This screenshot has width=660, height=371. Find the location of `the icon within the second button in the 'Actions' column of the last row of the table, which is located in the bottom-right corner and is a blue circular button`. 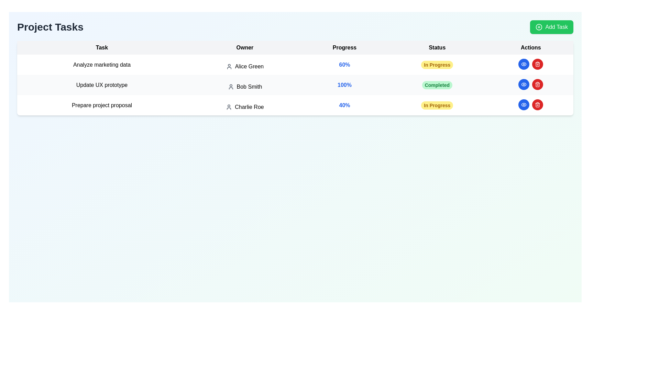

the icon within the second button in the 'Actions' column of the last row of the table, which is located in the bottom-right corner and is a blue circular button is located at coordinates (524, 64).